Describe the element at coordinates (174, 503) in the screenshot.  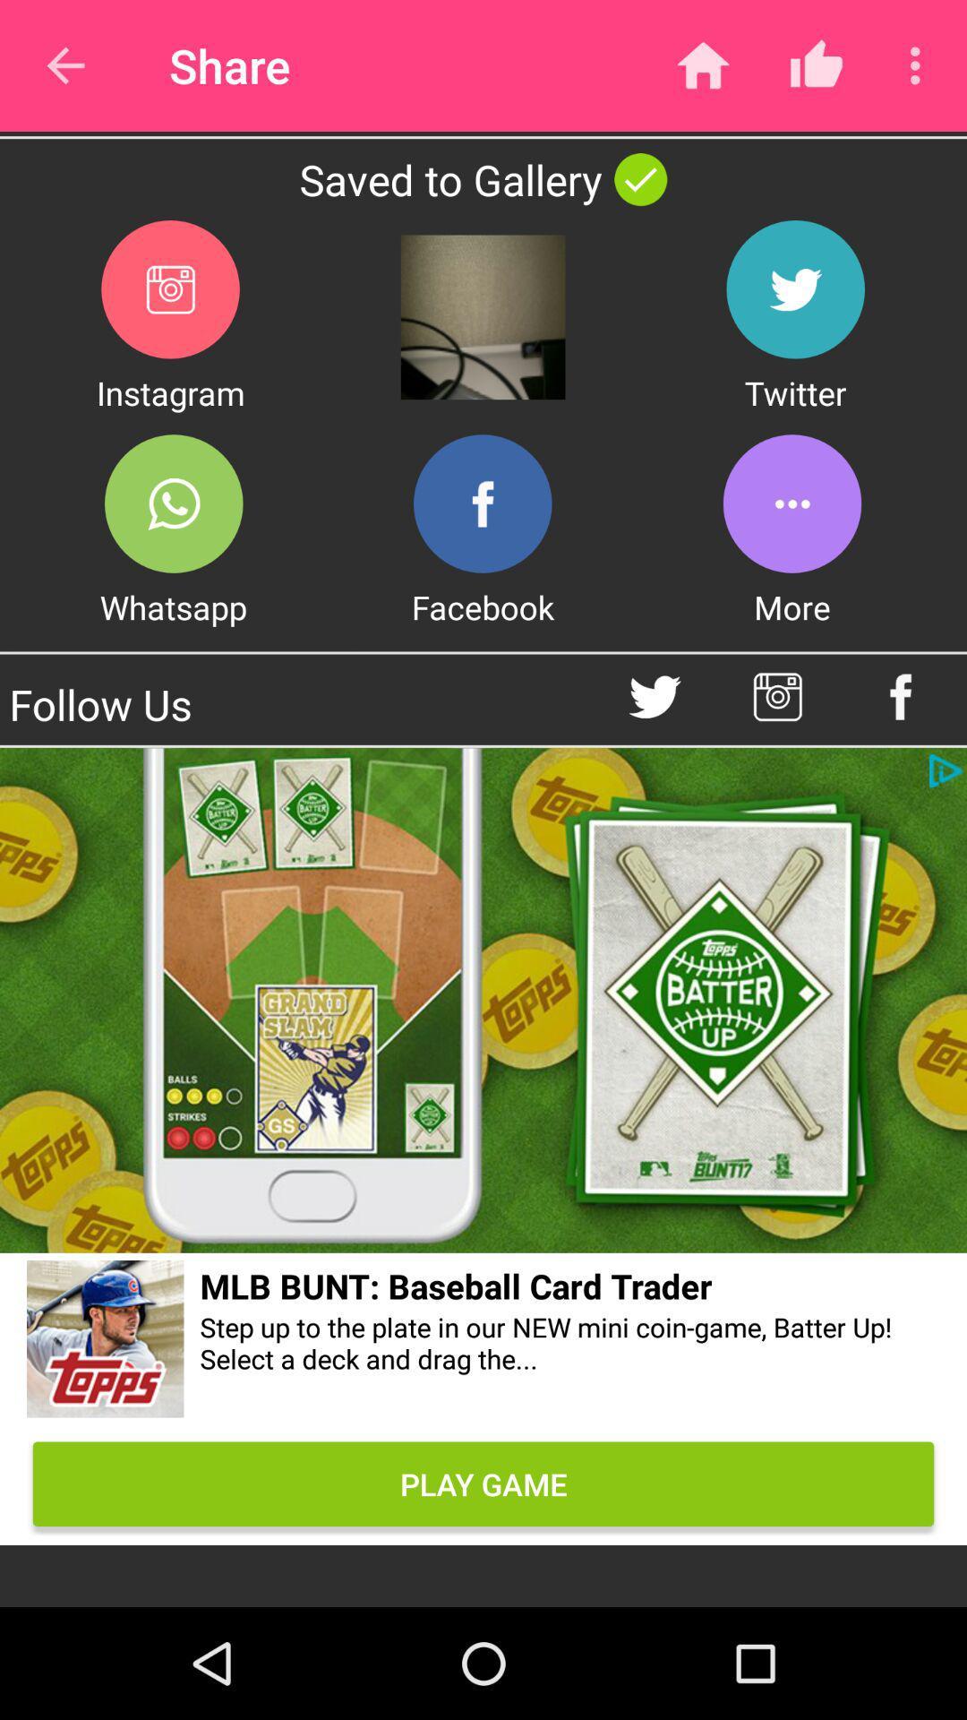
I see `share on whatsapp` at that location.